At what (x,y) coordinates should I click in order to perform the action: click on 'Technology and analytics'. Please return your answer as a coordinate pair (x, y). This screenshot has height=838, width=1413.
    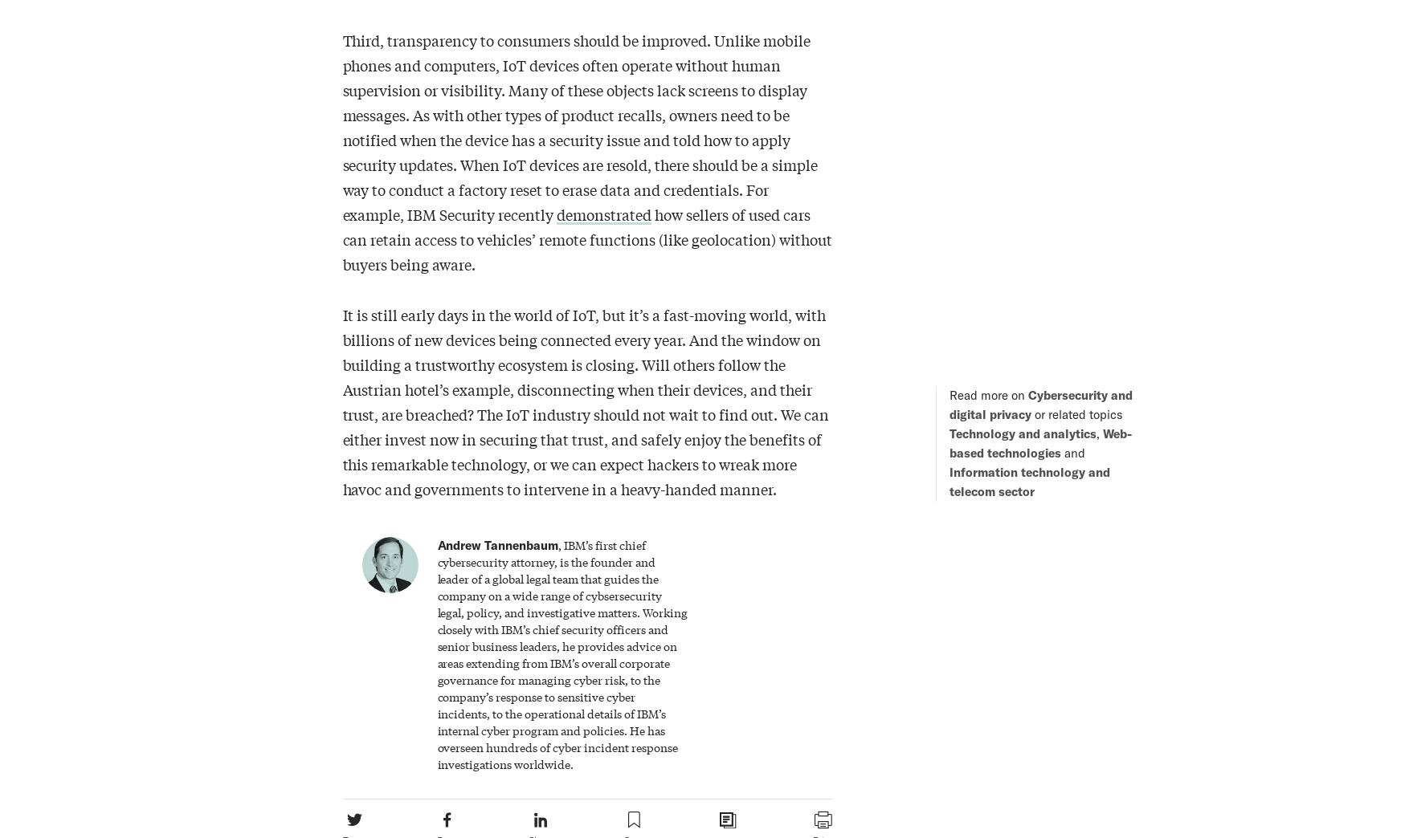
    Looking at the image, I should click on (1021, 432).